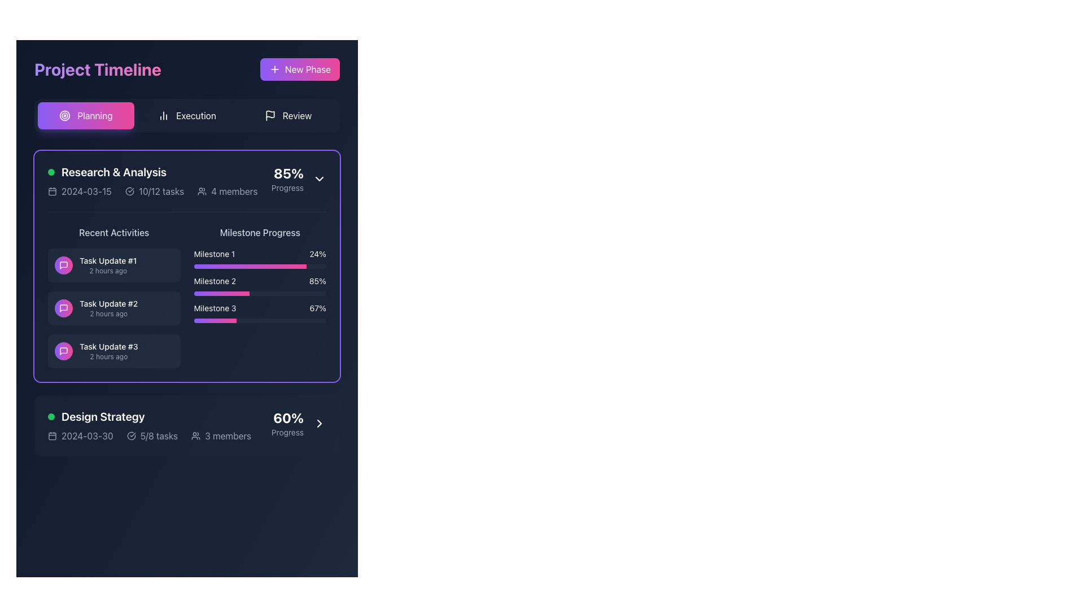  What do you see at coordinates (160, 191) in the screenshot?
I see `the text label displaying '10/12 tasks' located in the 'Research & Analysis' section, which is positioned to the right of the task completion status icon` at bounding box center [160, 191].